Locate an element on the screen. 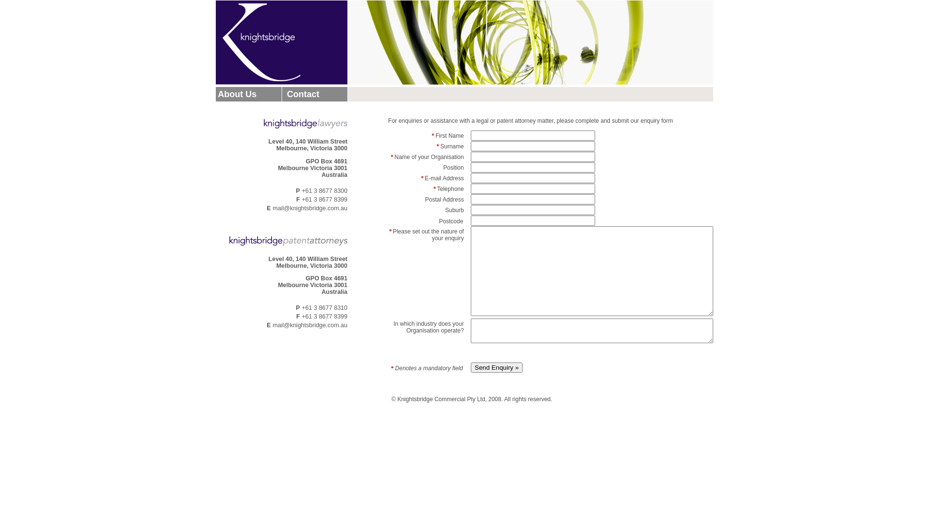 This screenshot has width=929, height=522. ' About Us' is located at coordinates (236, 93).